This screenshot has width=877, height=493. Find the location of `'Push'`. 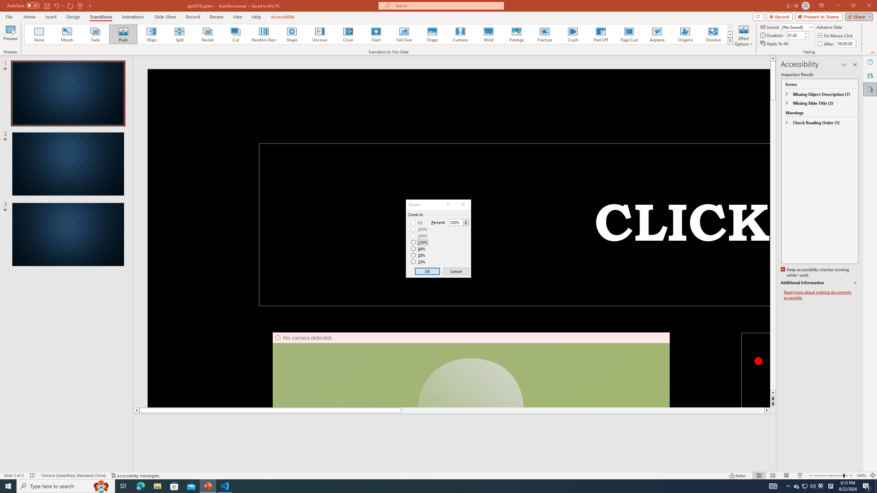

'Push' is located at coordinates (123, 34).